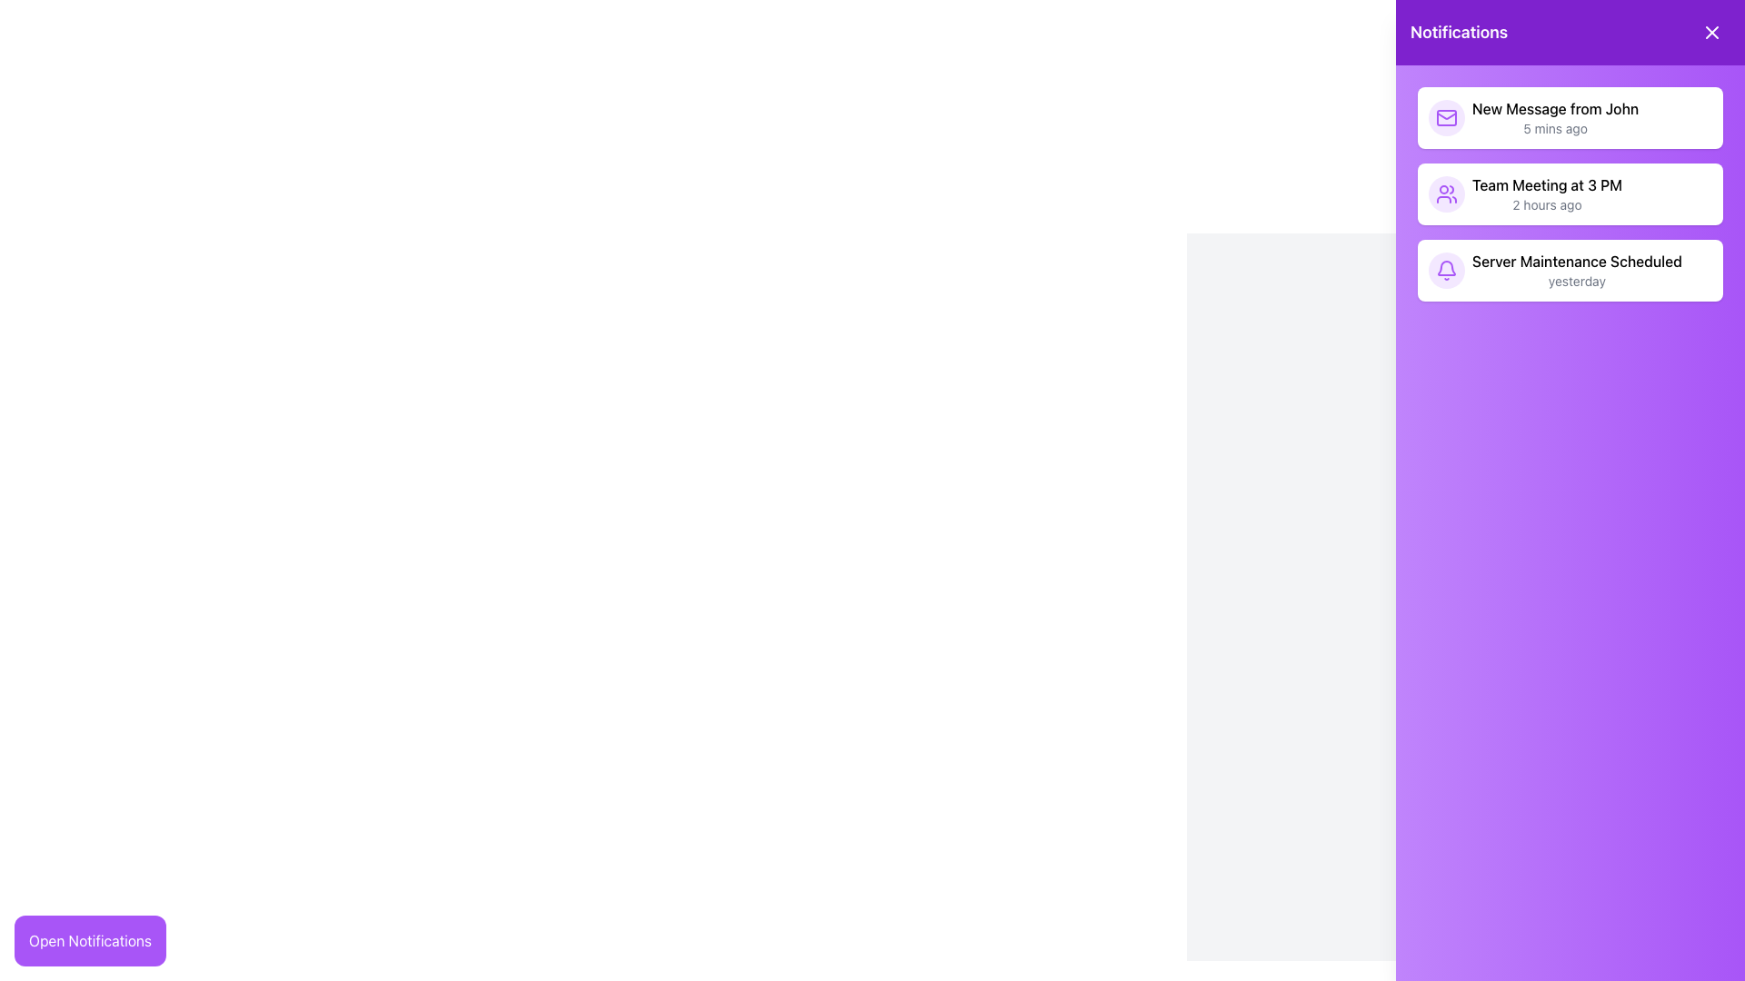  What do you see at coordinates (1710, 32) in the screenshot?
I see `the close button (decorative close icon) located at the top-right corner of the notification panel's title bar` at bounding box center [1710, 32].